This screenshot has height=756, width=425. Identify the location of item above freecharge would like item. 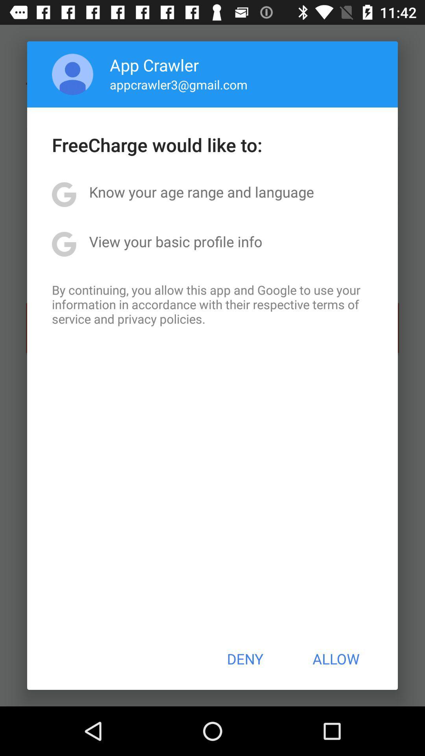
(179, 84).